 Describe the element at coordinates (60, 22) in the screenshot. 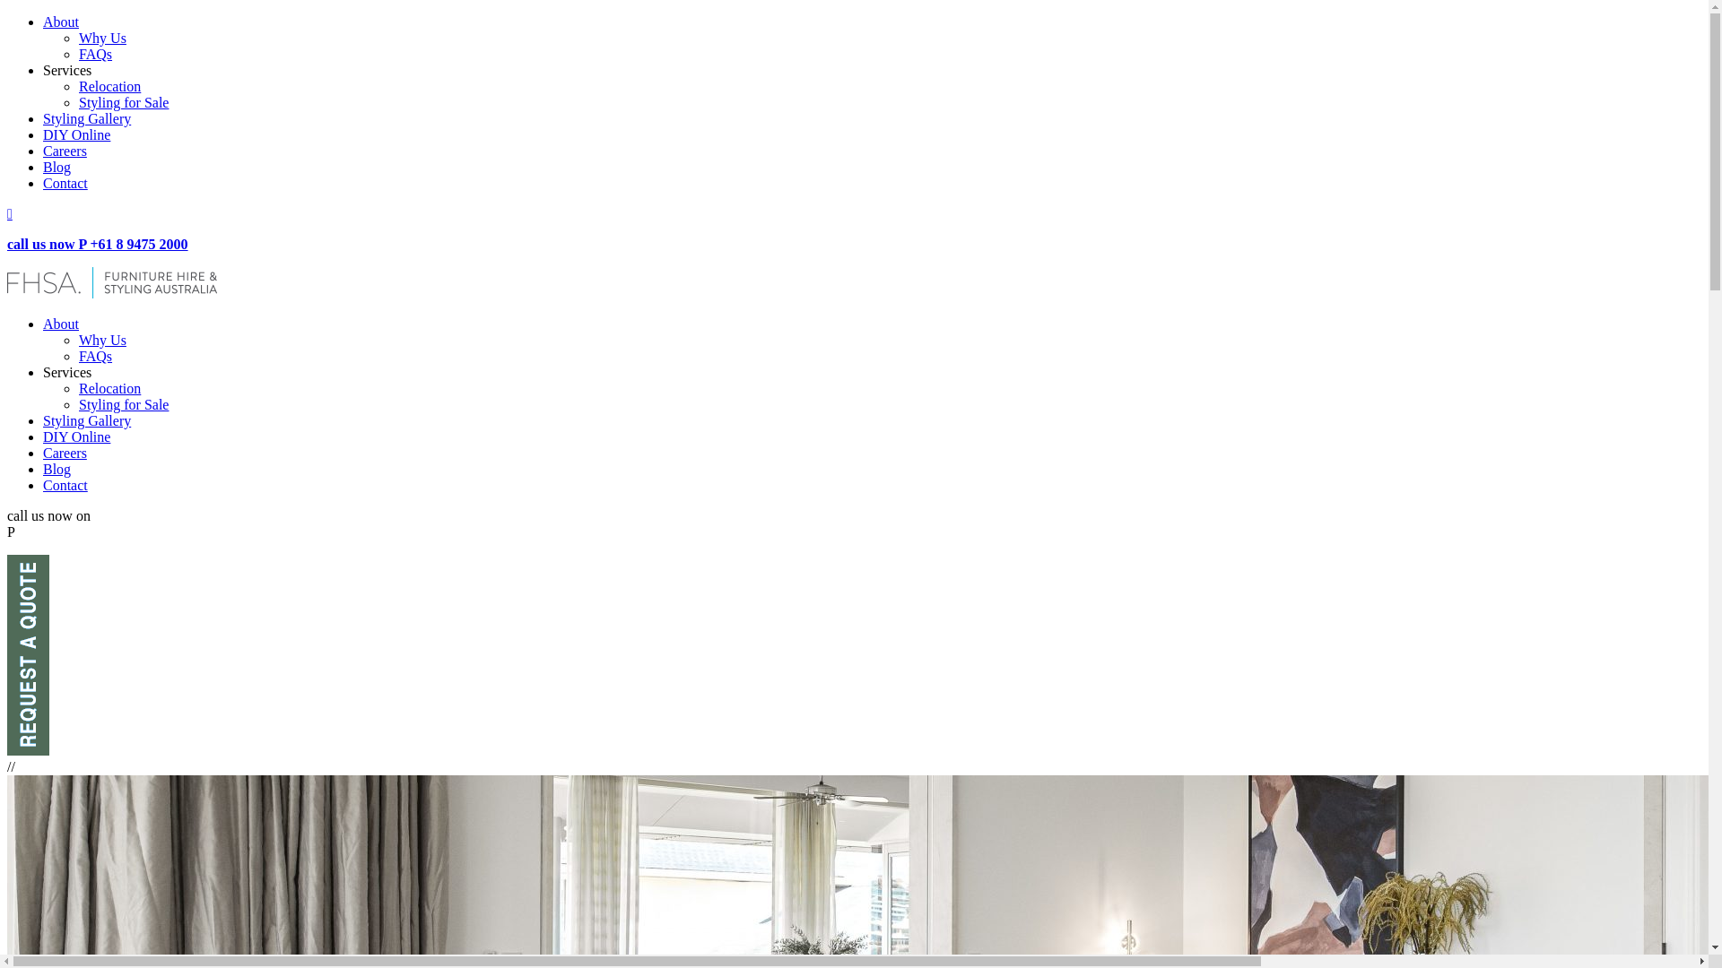

I see `'About'` at that location.